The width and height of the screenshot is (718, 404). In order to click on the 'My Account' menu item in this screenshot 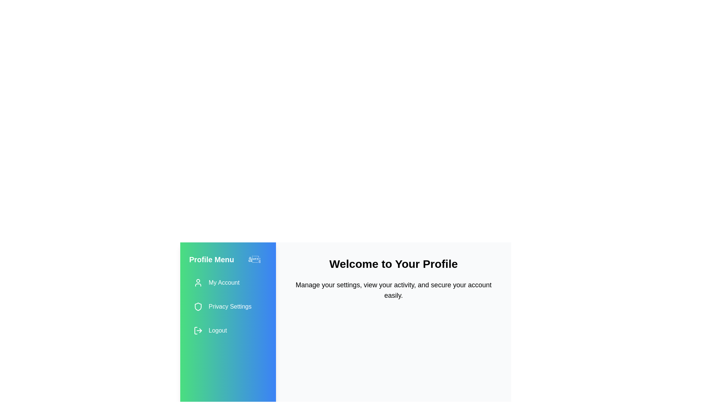, I will do `click(227, 283)`.